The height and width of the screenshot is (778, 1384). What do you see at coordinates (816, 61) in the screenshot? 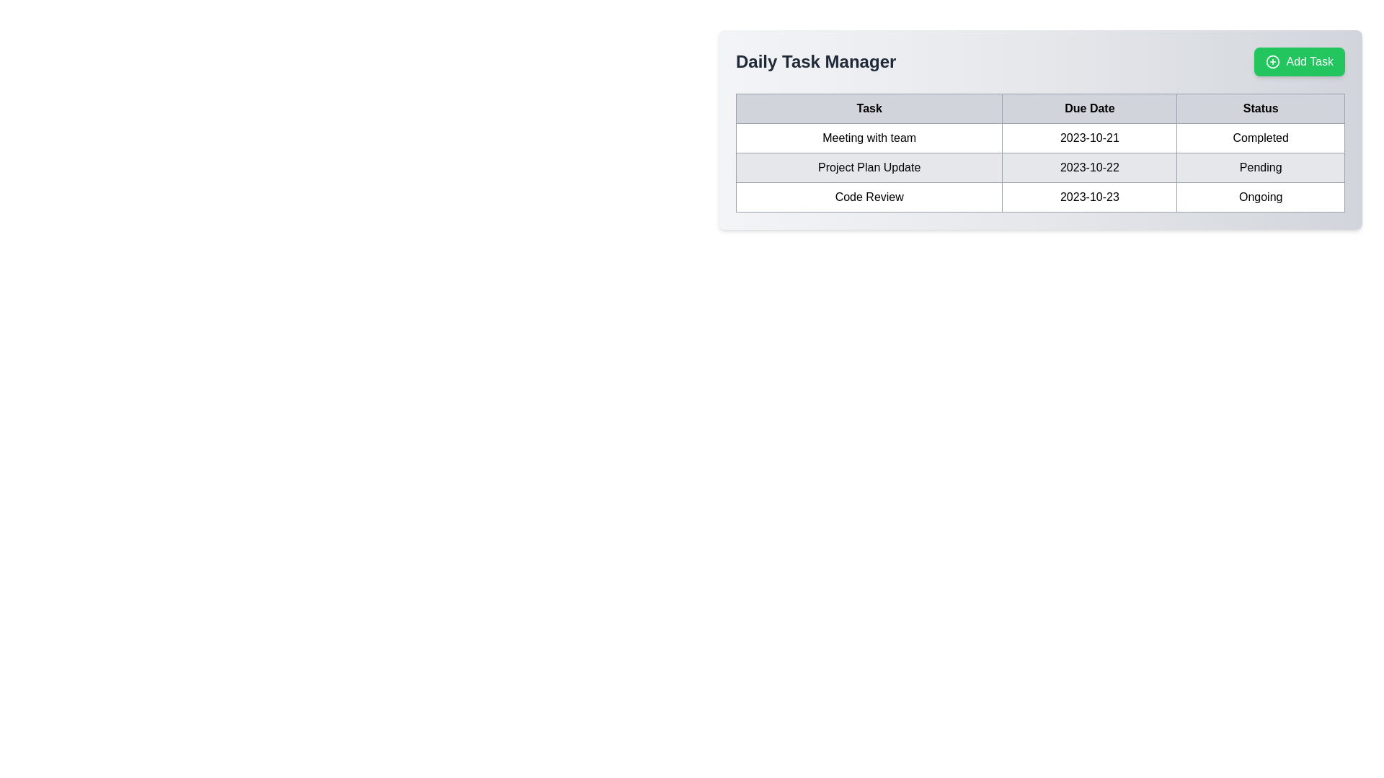
I see `text content of the 'Daily Task Manager' label, which is displayed in a large bold font and colored dark gray` at bounding box center [816, 61].